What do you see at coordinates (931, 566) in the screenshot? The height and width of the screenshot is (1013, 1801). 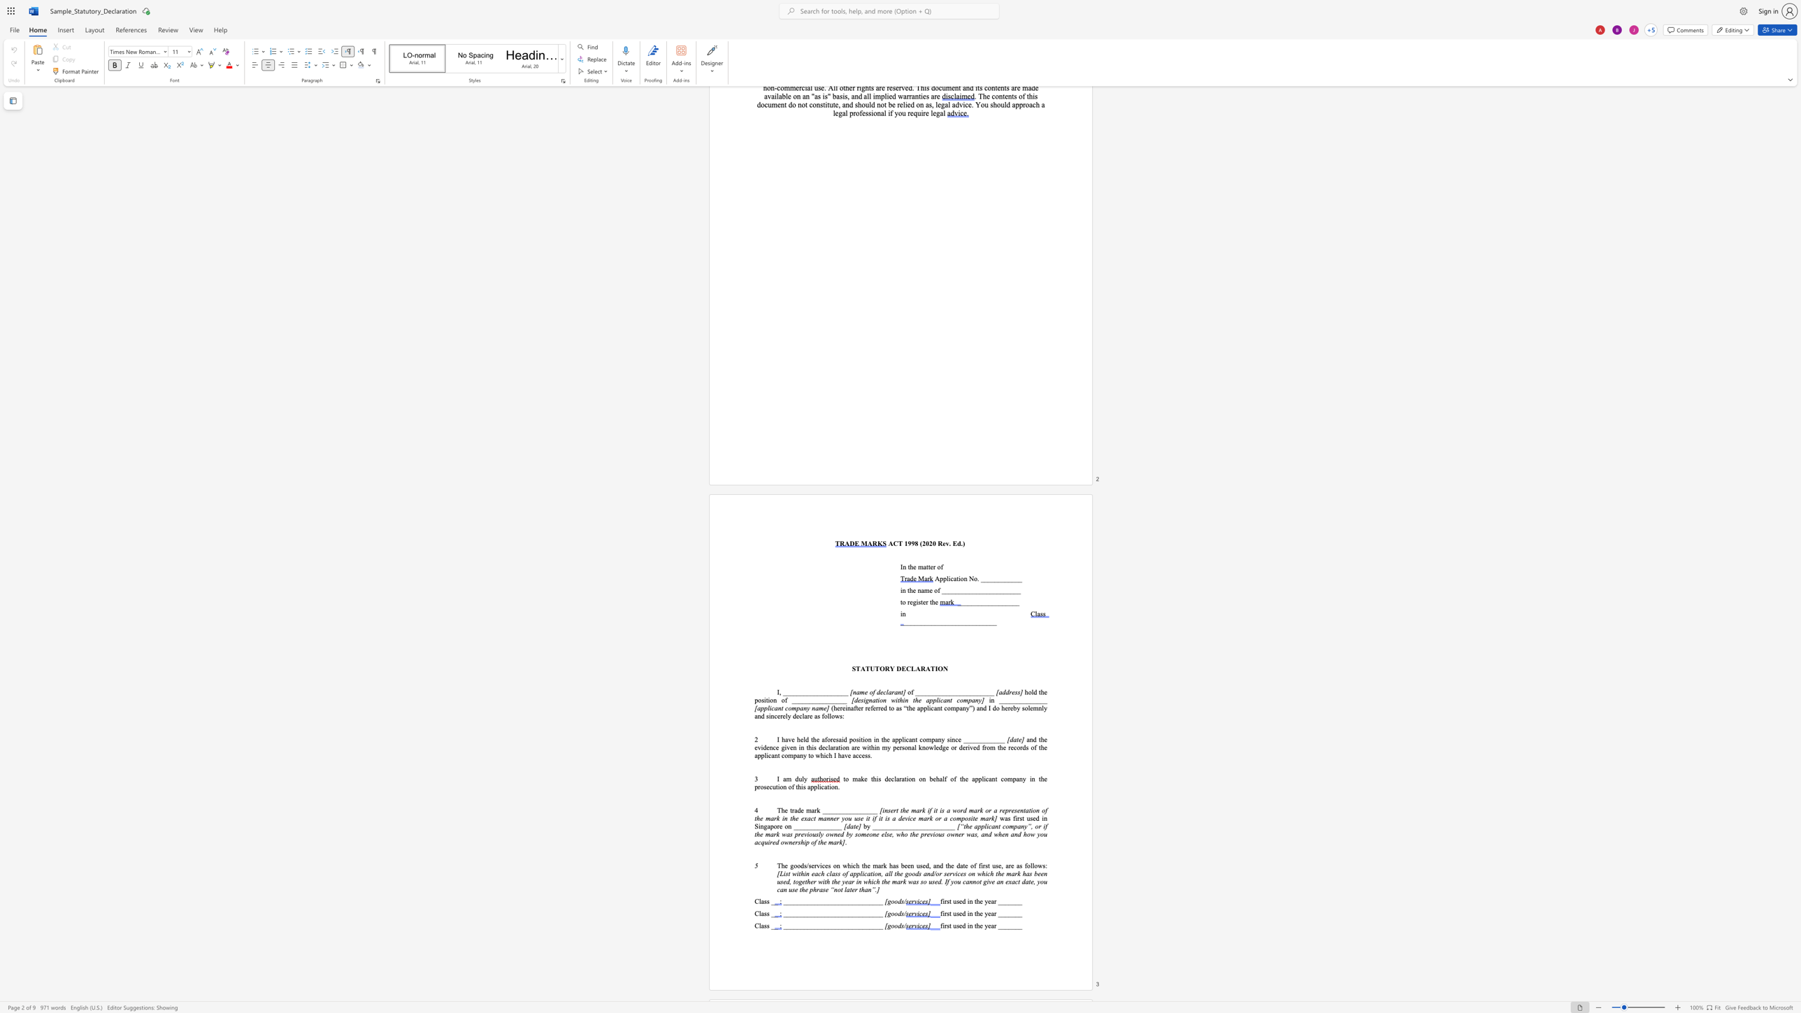 I see `the 2th character "e" in the text` at bounding box center [931, 566].